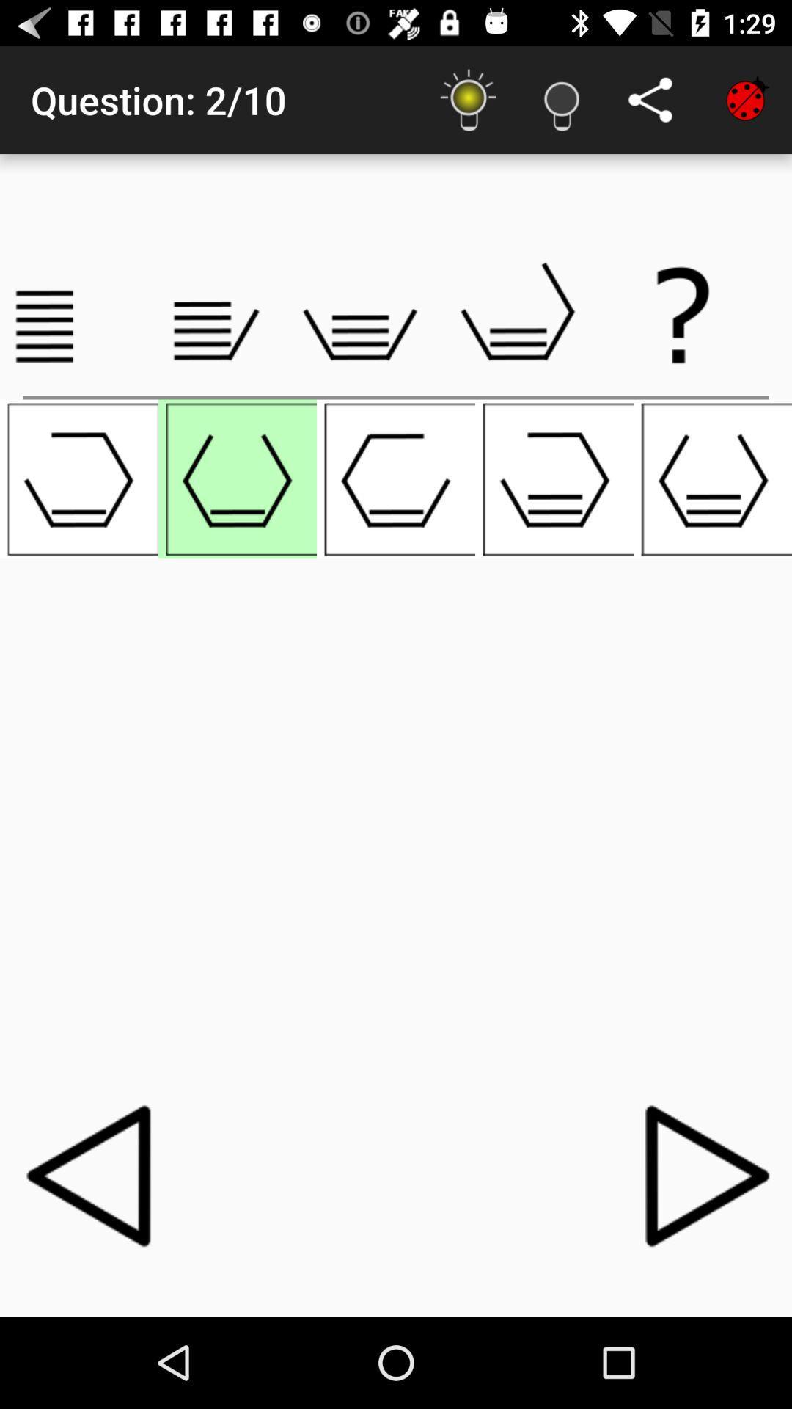 This screenshot has width=792, height=1409. I want to click on the icon at the bottom left corner, so click(92, 1175).